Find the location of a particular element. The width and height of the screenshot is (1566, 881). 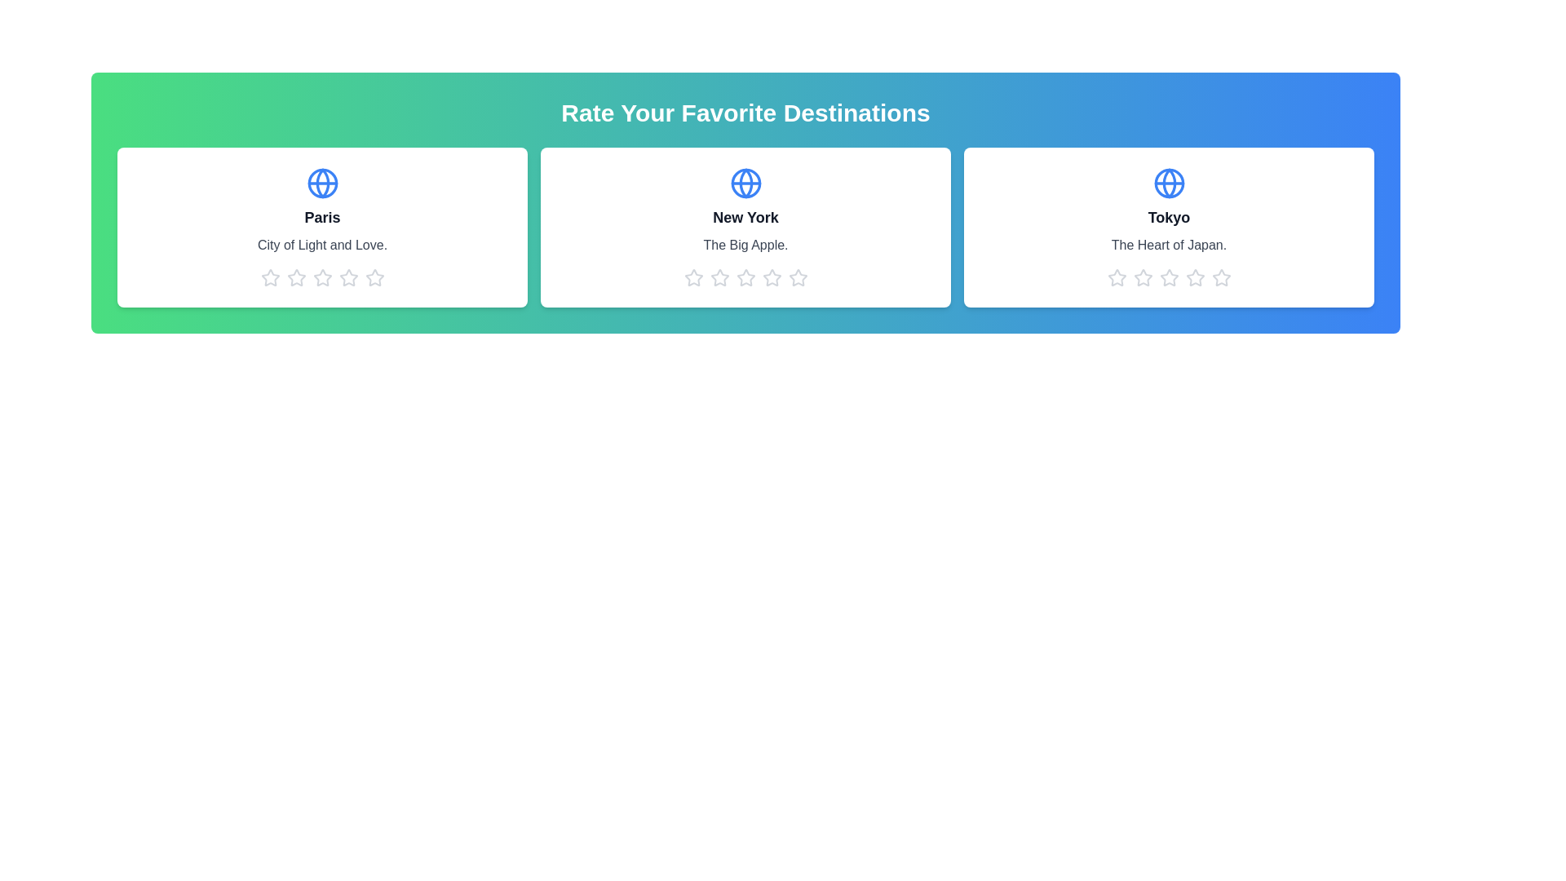

the 5 star icon for the destination Tokyo is located at coordinates (1221, 277).